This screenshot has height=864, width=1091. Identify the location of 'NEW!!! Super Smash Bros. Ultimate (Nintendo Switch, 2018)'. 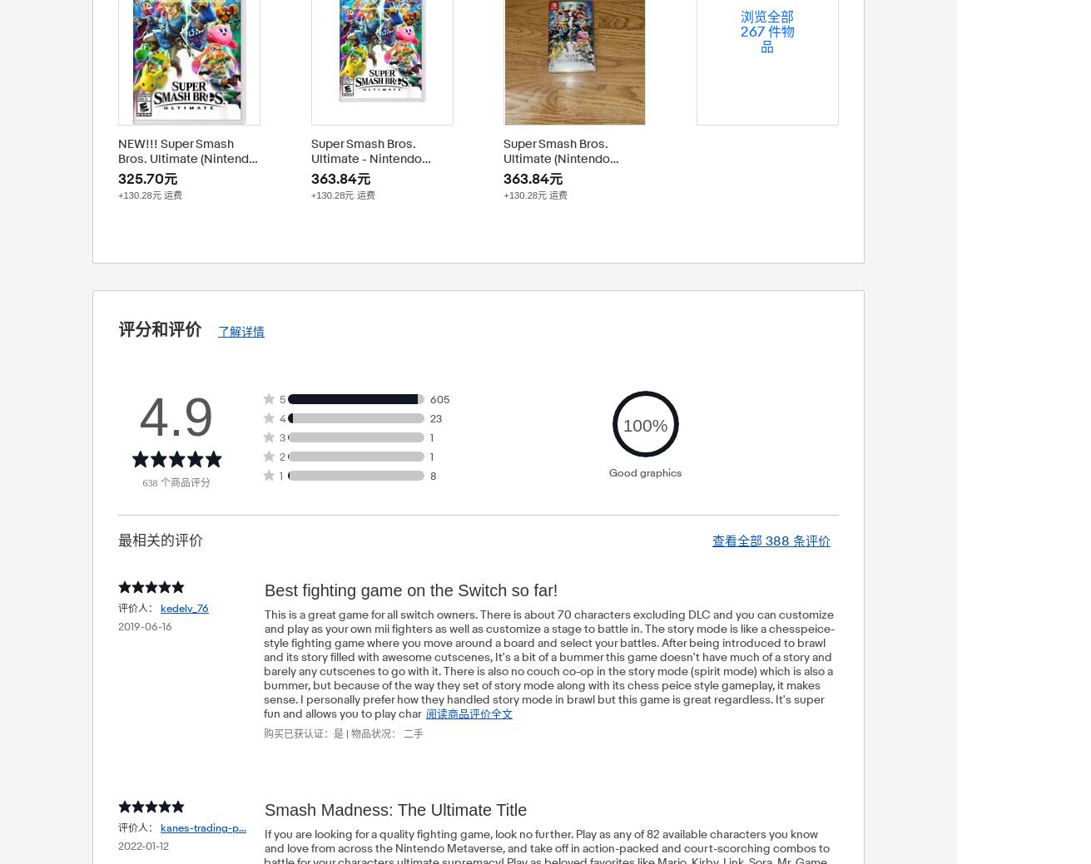
(186, 159).